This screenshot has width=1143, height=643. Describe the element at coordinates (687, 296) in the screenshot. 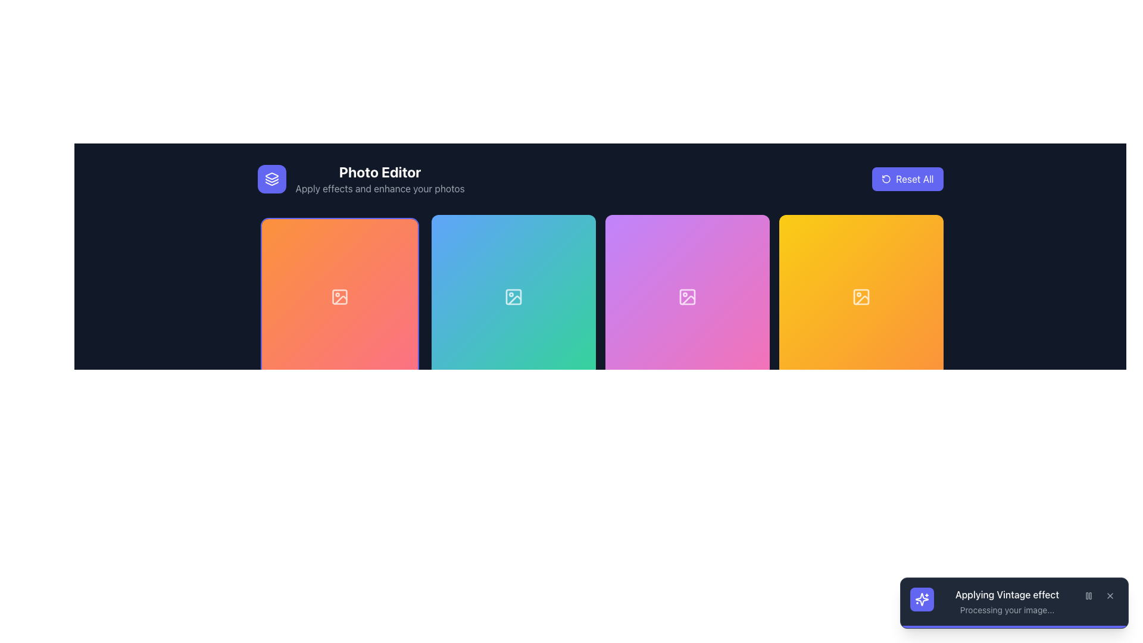

I see `the third selectable card in the photo editing application` at that location.